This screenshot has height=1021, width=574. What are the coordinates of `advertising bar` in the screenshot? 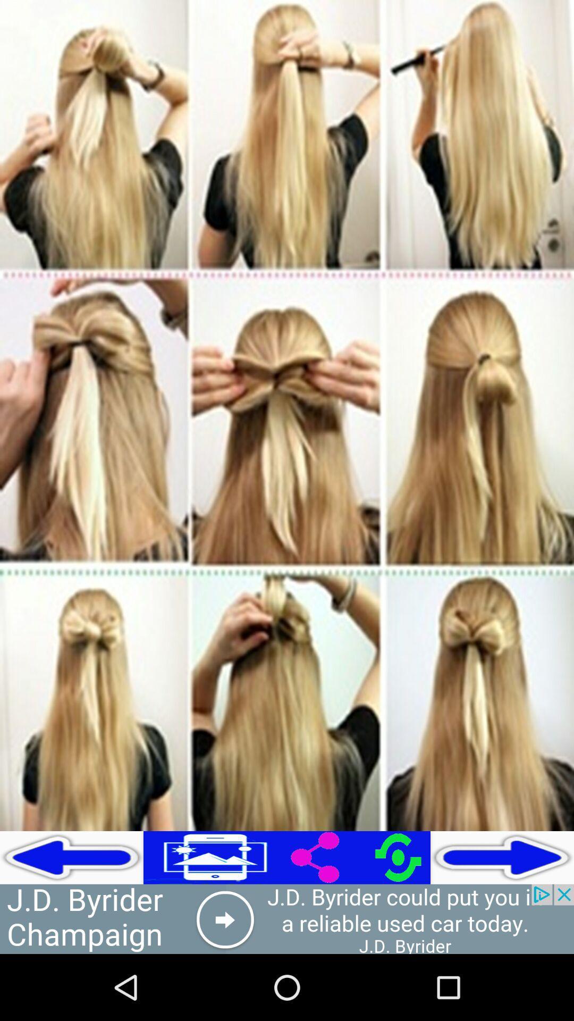 It's located at (287, 918).